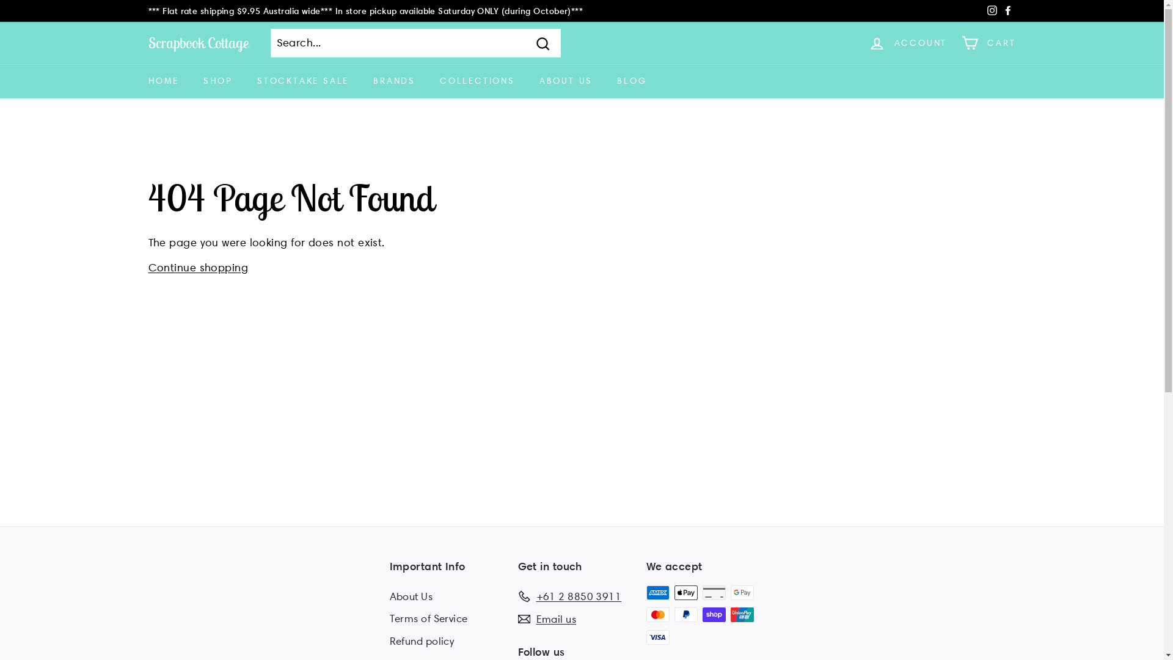 The height and width of the screenshot is (660, 1173). I want to click on 'ACCOUNT', so click(908, 42).